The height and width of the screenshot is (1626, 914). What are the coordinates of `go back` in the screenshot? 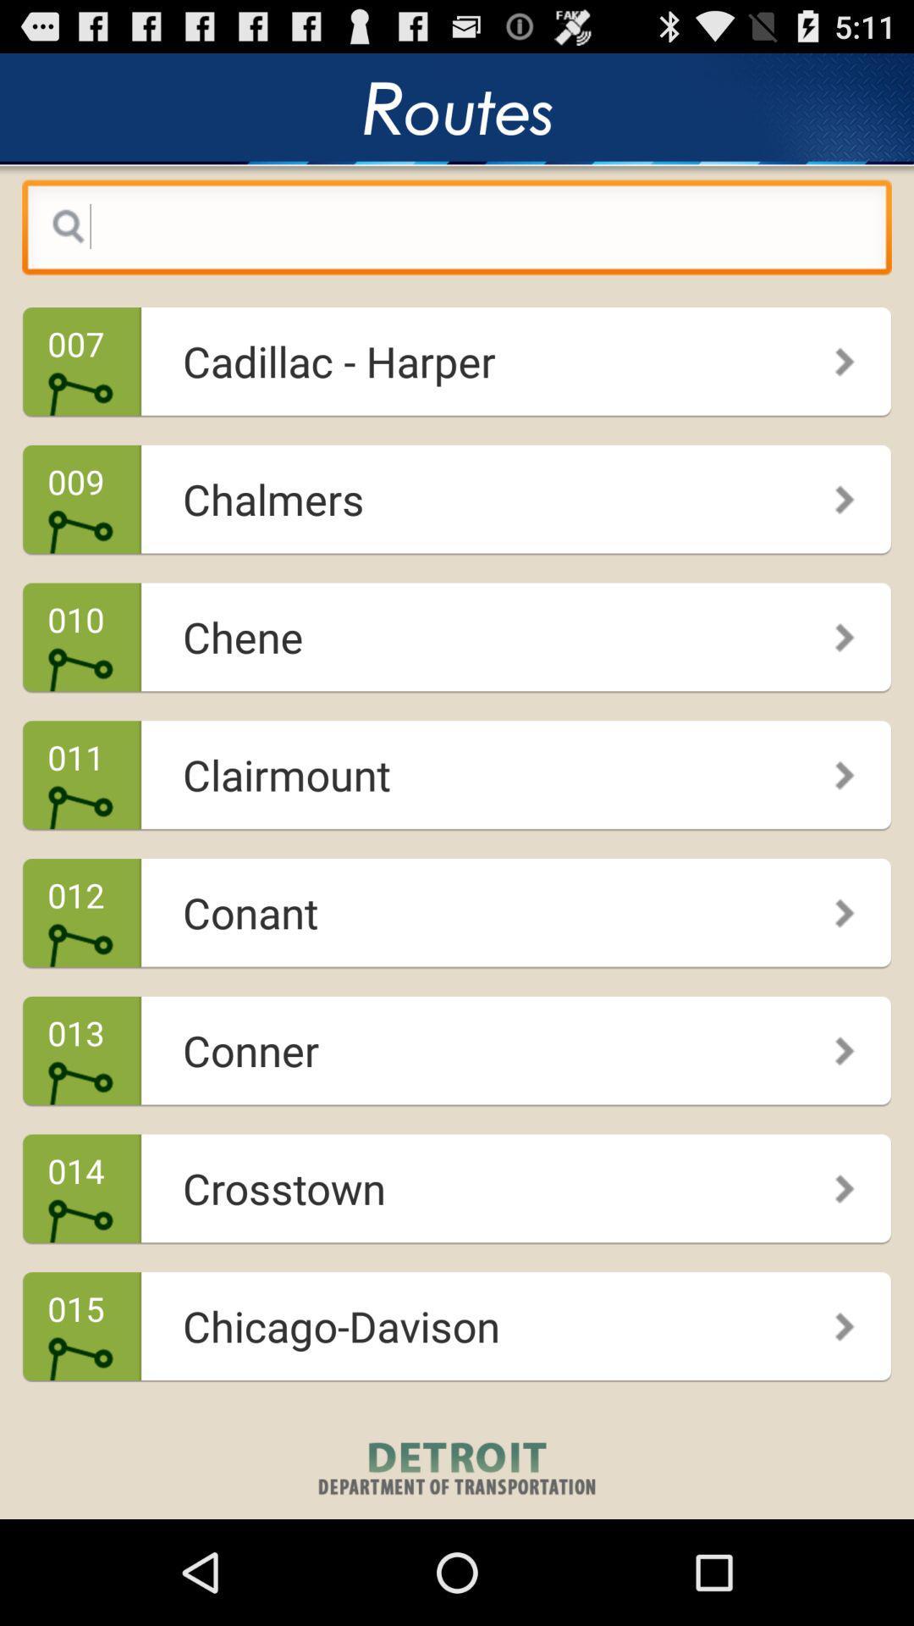 It's located at (457, 230).